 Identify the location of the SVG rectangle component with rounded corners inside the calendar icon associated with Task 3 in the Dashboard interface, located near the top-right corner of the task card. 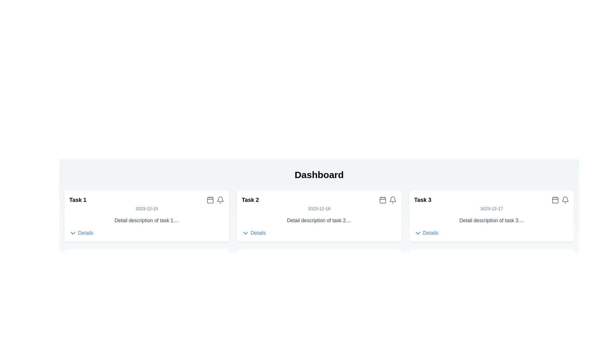
(555, 200).